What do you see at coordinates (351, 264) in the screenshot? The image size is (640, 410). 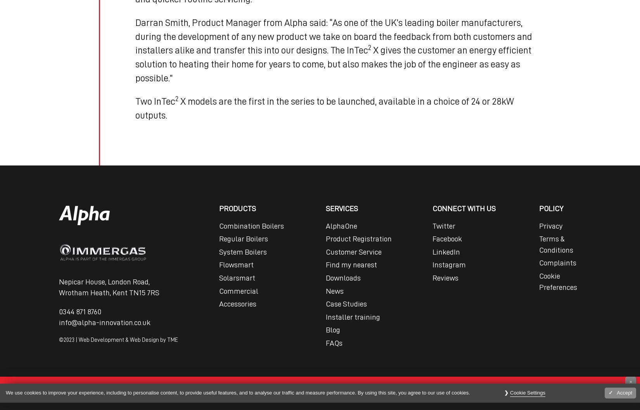 I see `'Find my nearest'` at bounding box center [351, 264].